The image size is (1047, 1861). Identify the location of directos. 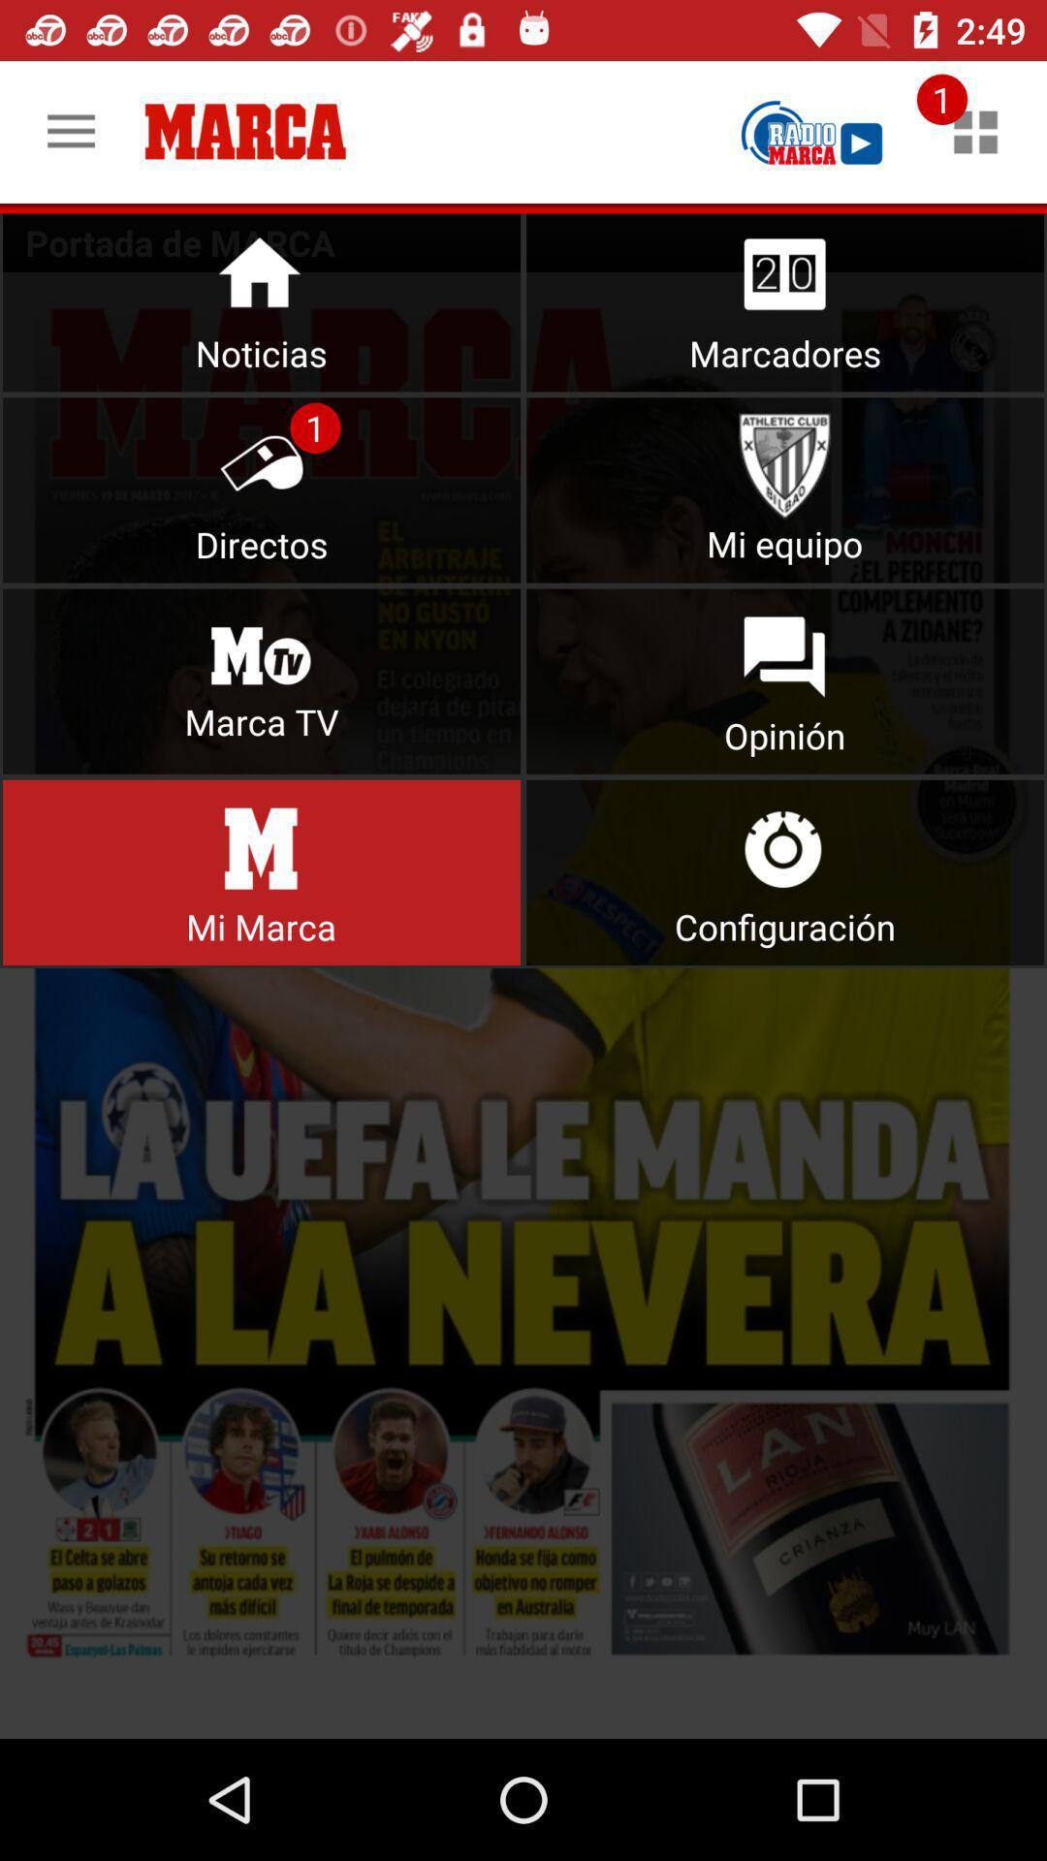
(262, 489).